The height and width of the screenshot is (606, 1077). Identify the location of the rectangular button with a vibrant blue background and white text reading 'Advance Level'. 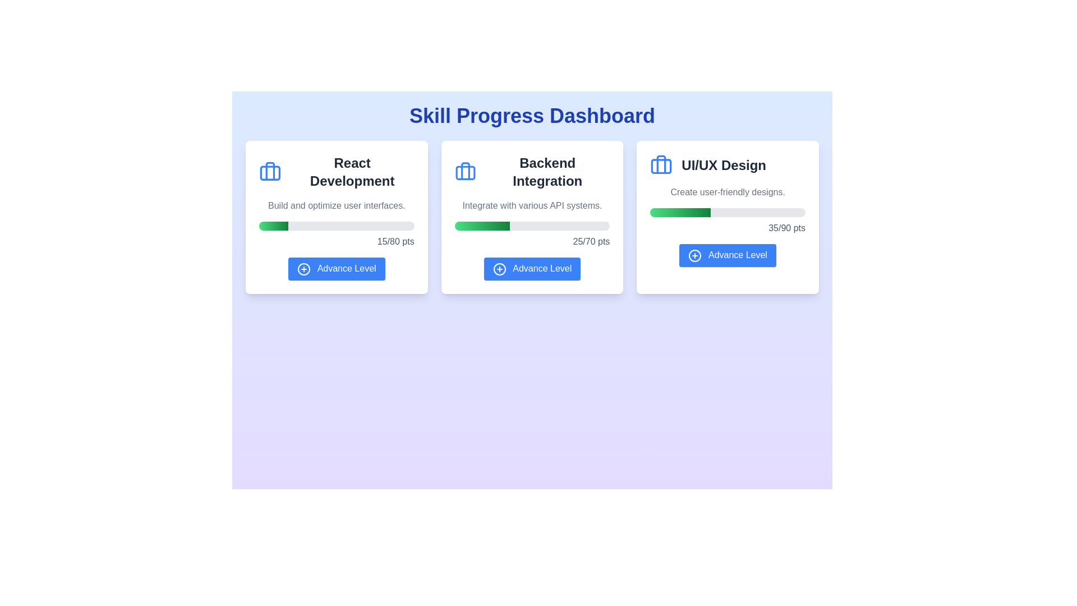
(728, 255).